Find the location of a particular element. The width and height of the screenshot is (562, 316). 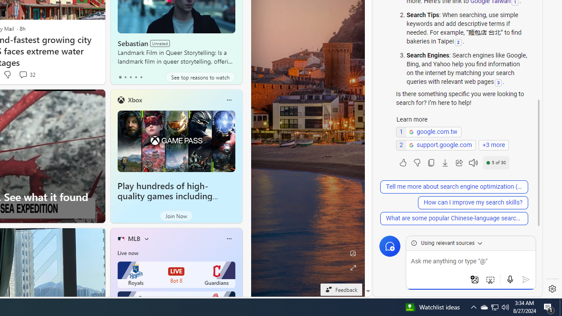

'See top reasons to watch' is located at coordinates (200, 77).